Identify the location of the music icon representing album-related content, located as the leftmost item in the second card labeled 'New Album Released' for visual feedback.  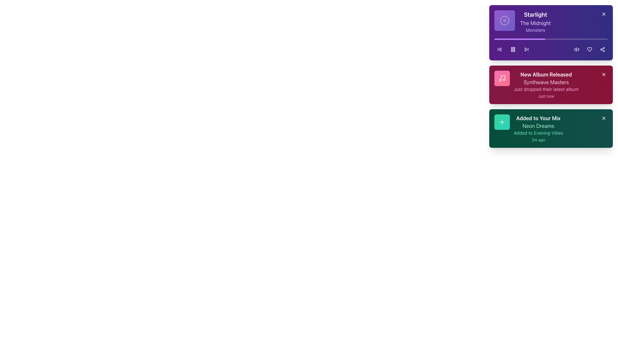
(502, 78).